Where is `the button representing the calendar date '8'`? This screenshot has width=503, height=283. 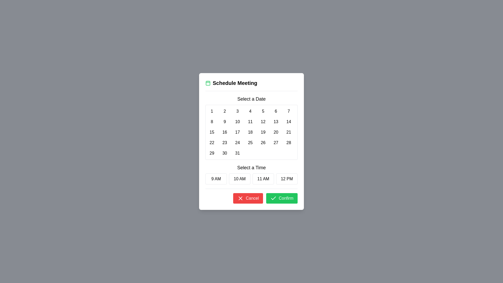
the button representing the calendar date '8' is located at coordinates (212, 122).